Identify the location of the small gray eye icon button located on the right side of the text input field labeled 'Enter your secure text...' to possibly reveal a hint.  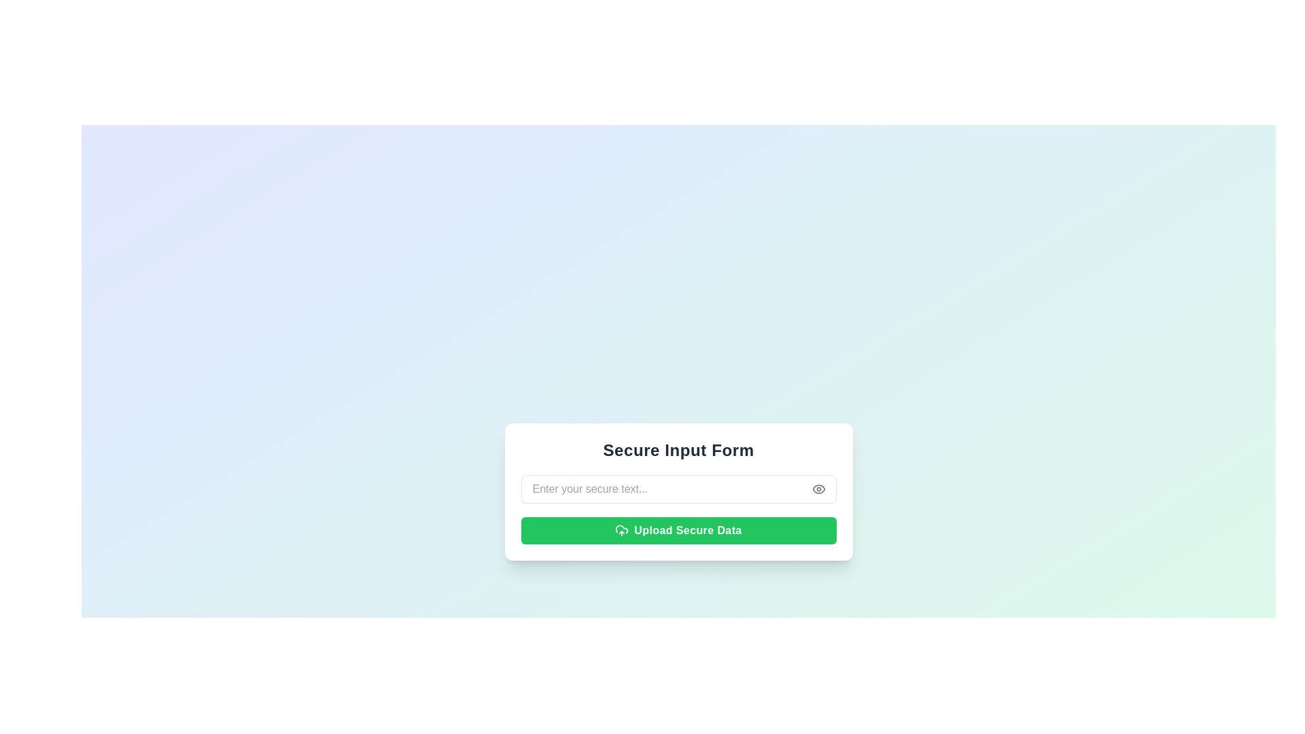
(818, 489).